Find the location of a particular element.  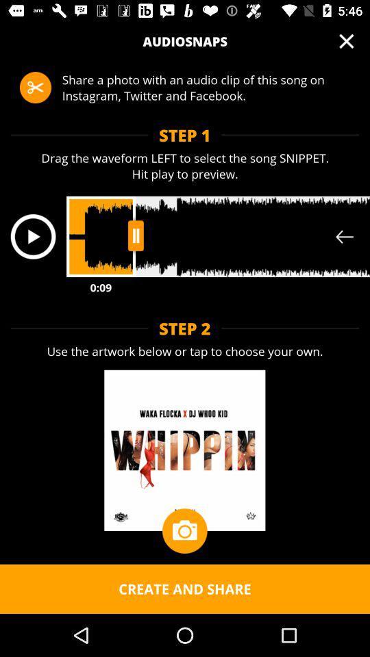

tap the close icon is located at coordinates (345, 40).